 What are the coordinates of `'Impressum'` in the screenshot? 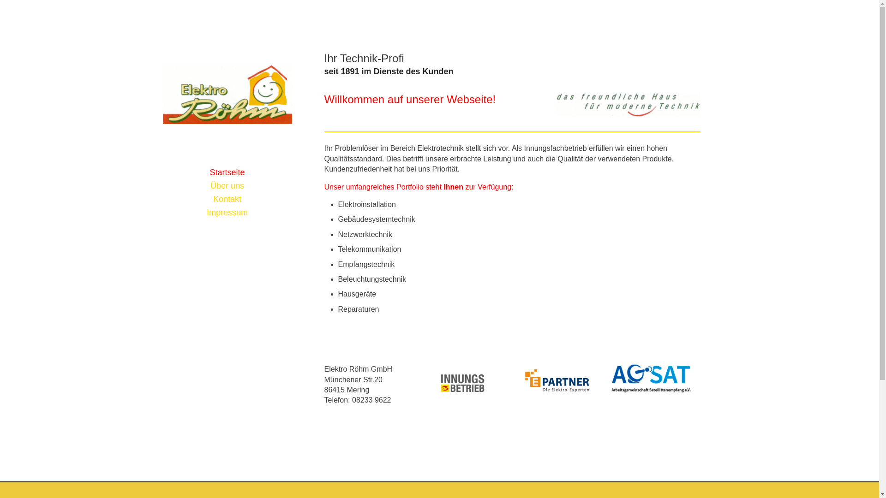 It's located at (162, 213).